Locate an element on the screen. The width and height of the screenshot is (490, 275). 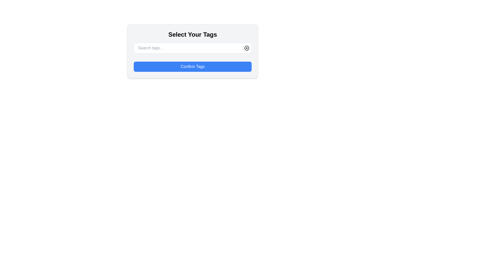
the 'Clear Input' icon located at the top-right corner of the text input box, which is represented by a circle-x icon is located at coordinates (247, 48).